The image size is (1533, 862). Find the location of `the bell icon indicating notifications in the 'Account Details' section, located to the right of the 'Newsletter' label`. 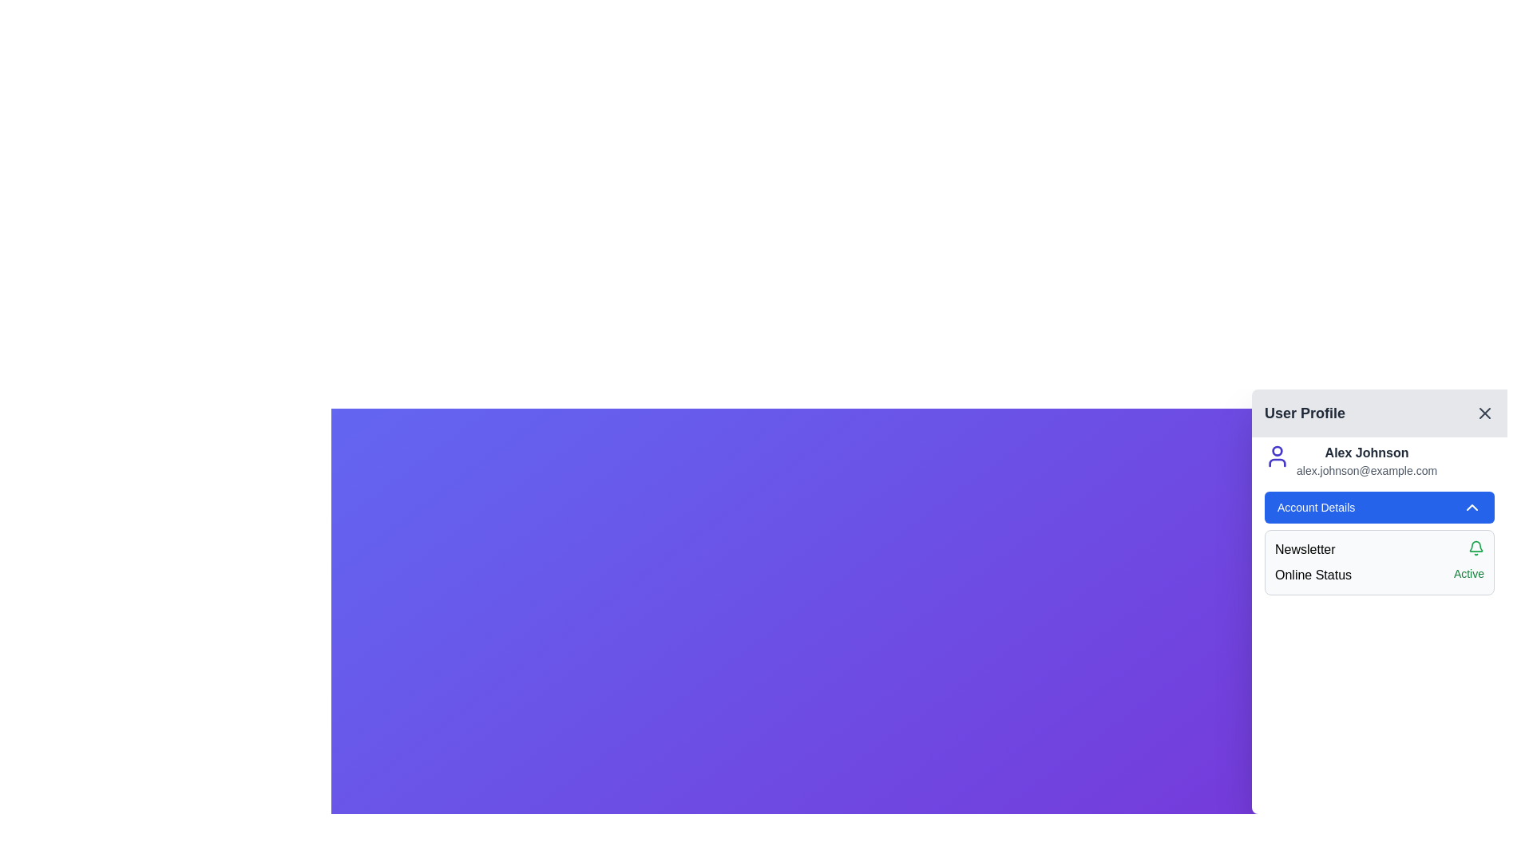

the bell icon indicating notifications in the 'Account Details' section, located to the right of the 'Newsletter' label is located at coordinates (1475, 547).